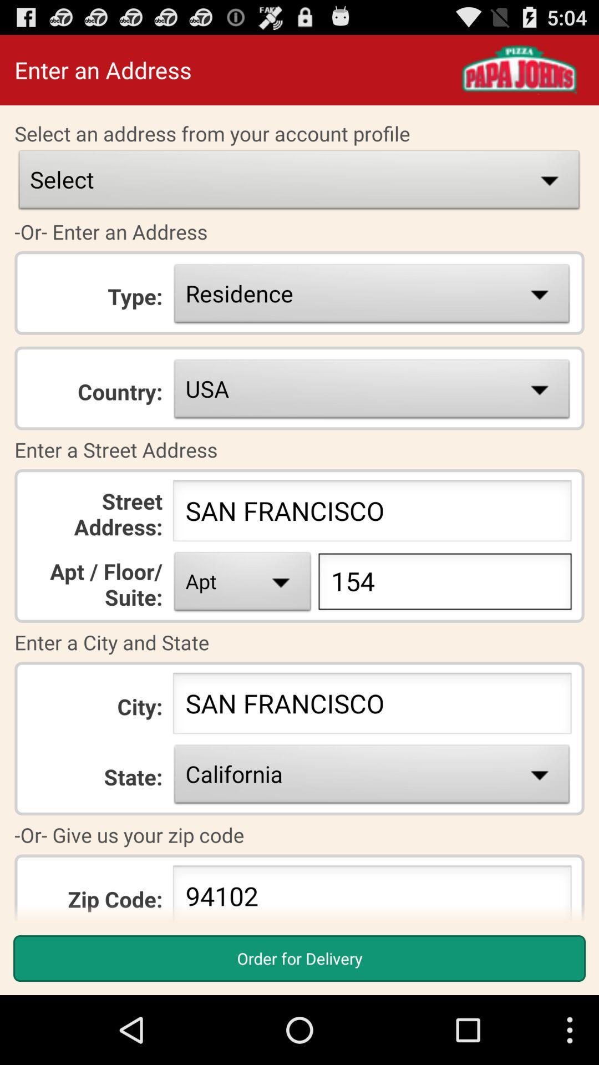 The width and height of the screenshot is (599, 1065). Describe the element at coordinates (444, 584) in the screenshot. I see `type 154 just to the right of apt drop down box` at that location.